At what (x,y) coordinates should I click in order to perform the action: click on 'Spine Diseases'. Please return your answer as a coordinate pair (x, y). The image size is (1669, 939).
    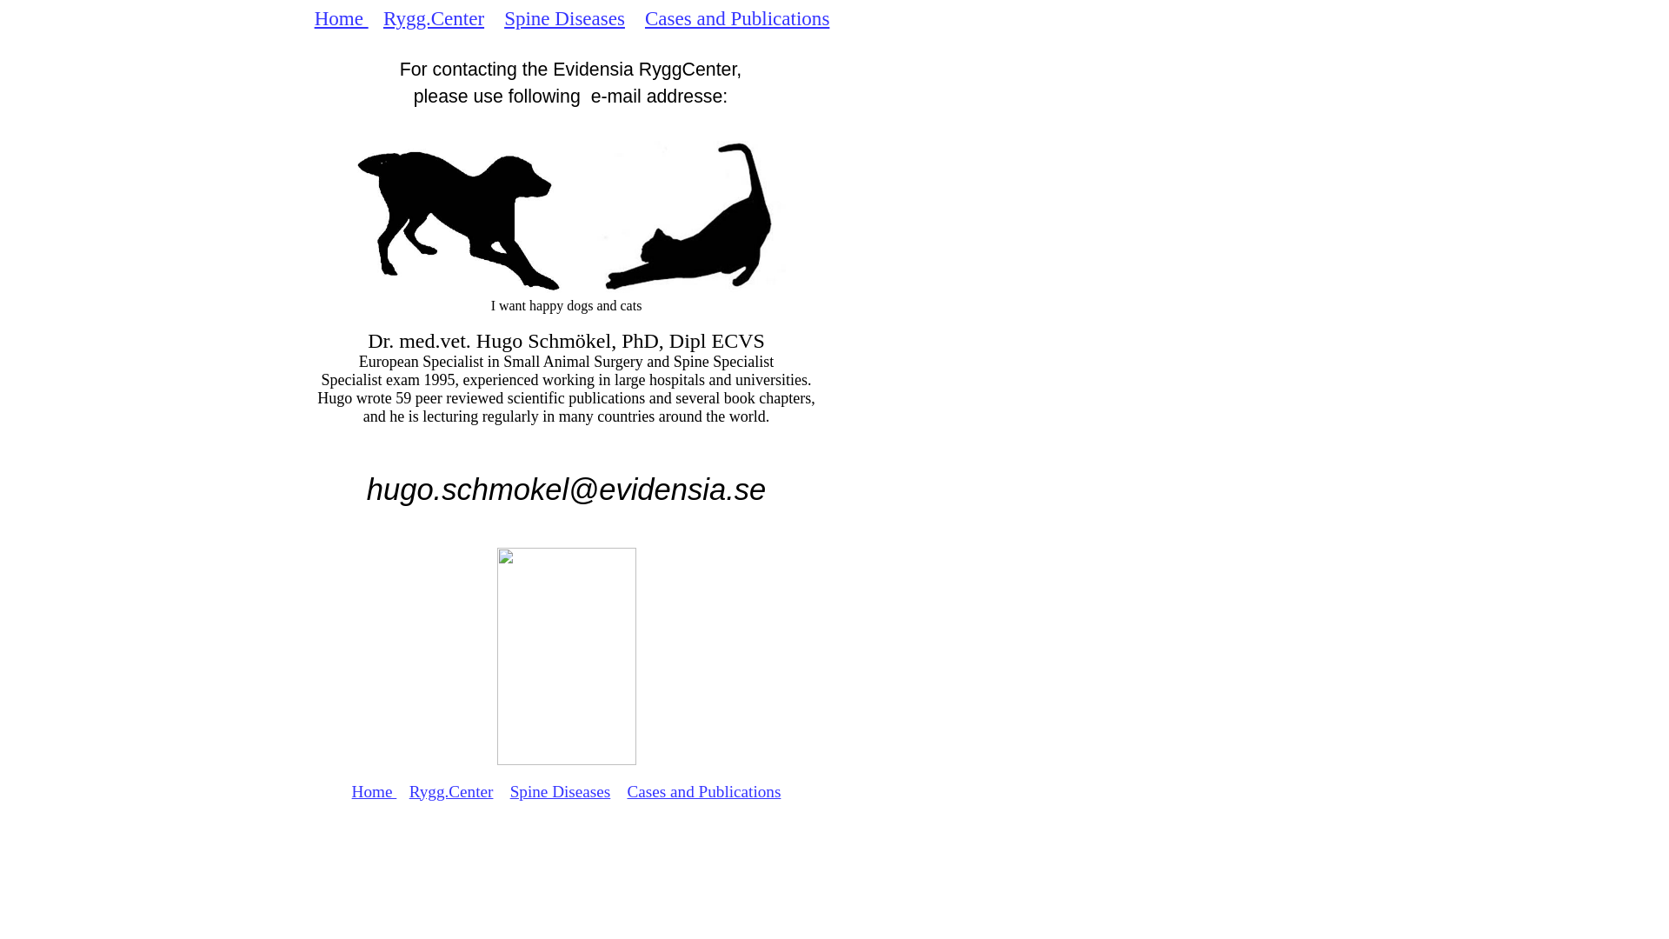
    Looking at the image, I should click on (560, 791).